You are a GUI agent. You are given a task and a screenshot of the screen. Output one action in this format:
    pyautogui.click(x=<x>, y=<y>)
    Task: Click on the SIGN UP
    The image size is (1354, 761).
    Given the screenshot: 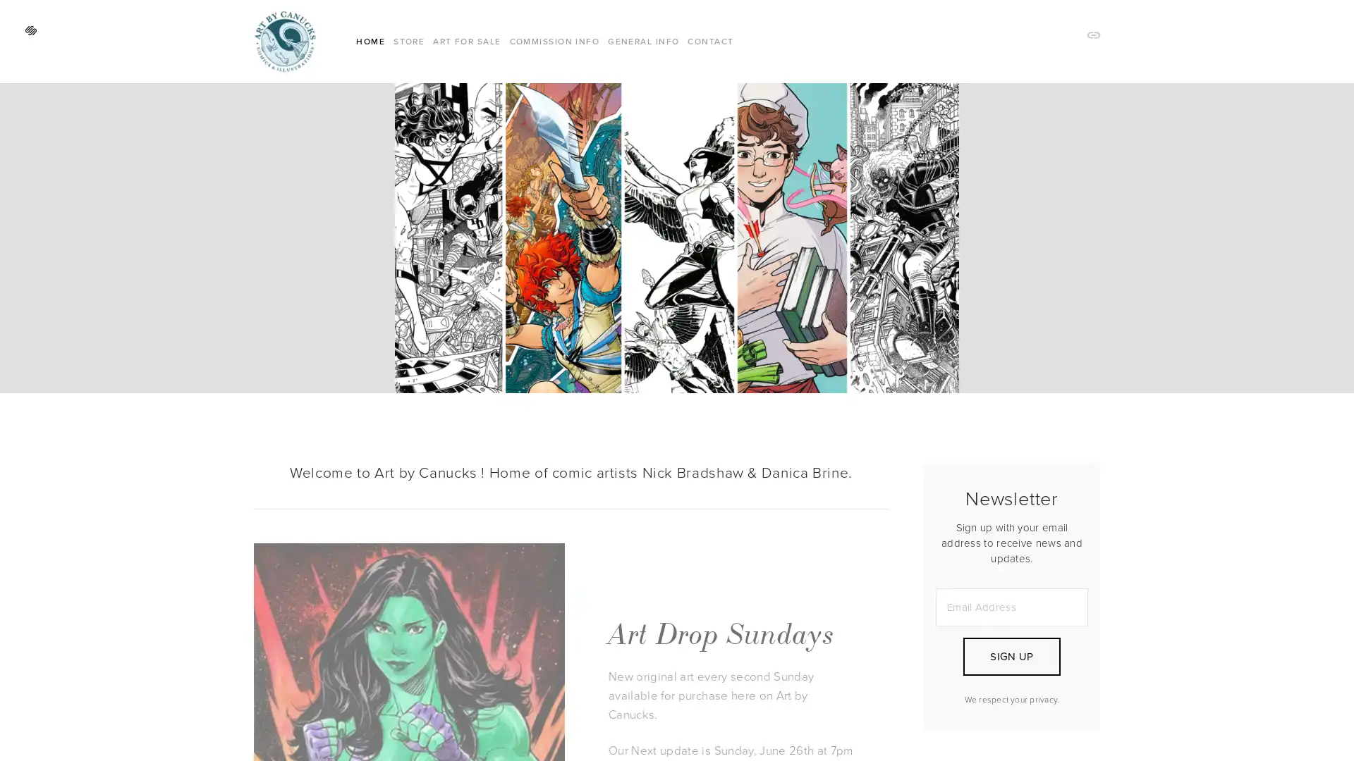 What is the action you would take?
    pyautogui.click(x=1011, y=657)
    